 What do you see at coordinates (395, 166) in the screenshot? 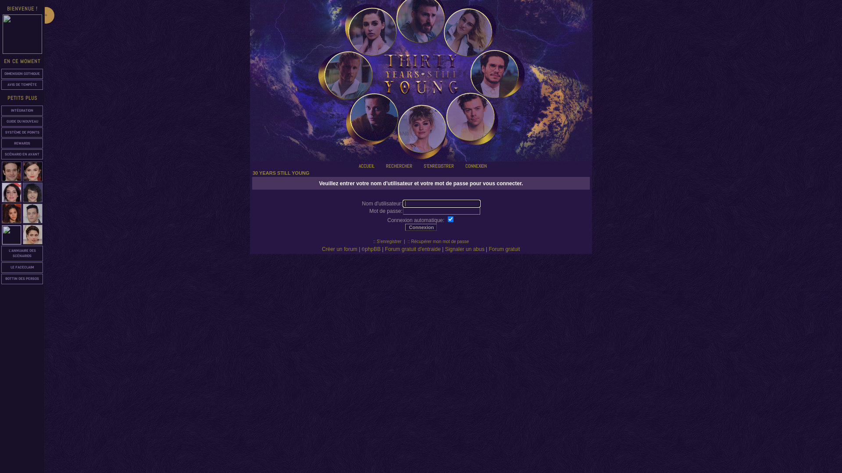
I see `'RECHERCHER'` at bounding box center [395, 166].